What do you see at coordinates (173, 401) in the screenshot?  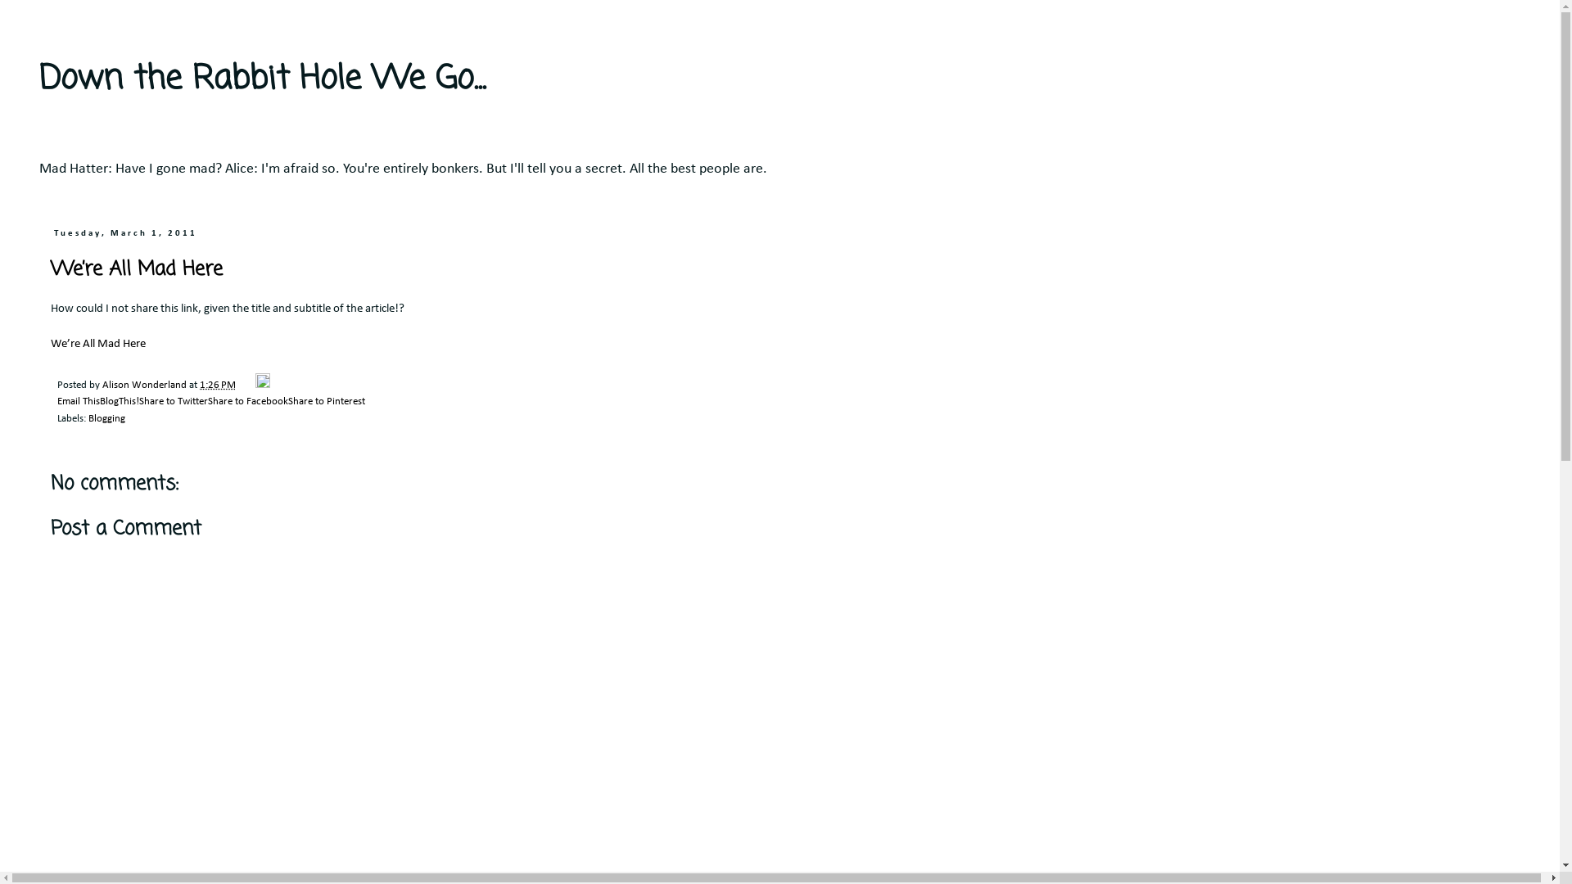 I see `'Share to Twitter'` at bounding box center [173, 401].